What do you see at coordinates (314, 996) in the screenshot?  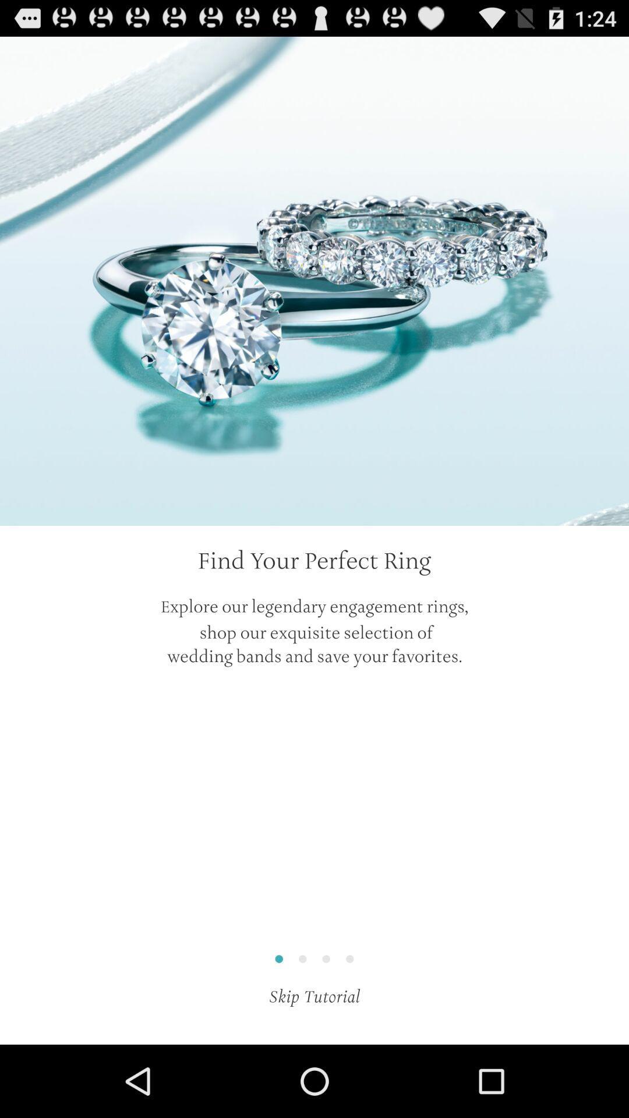 I see `the skip tutorial` at bounding box center [314, 996].